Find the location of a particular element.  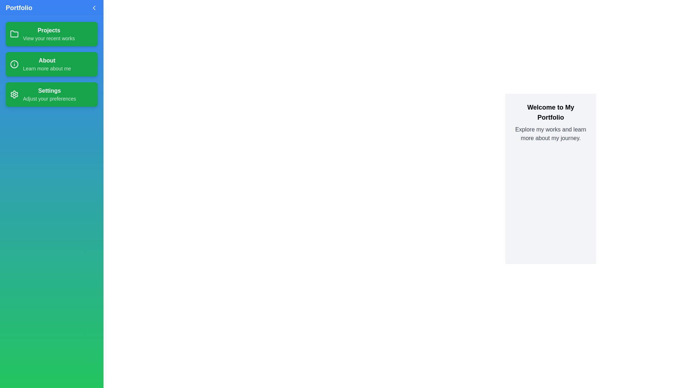

the section labeled 'About' to observe its hover effect is located at coordinates (51, 64).